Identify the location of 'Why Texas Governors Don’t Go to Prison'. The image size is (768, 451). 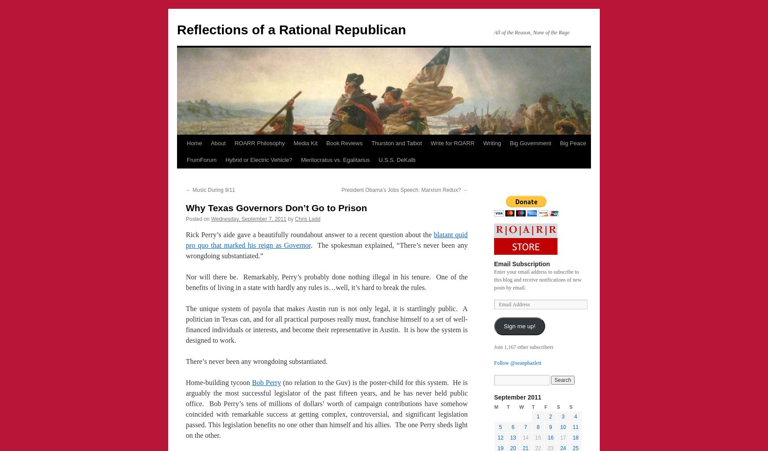
(276, 208).